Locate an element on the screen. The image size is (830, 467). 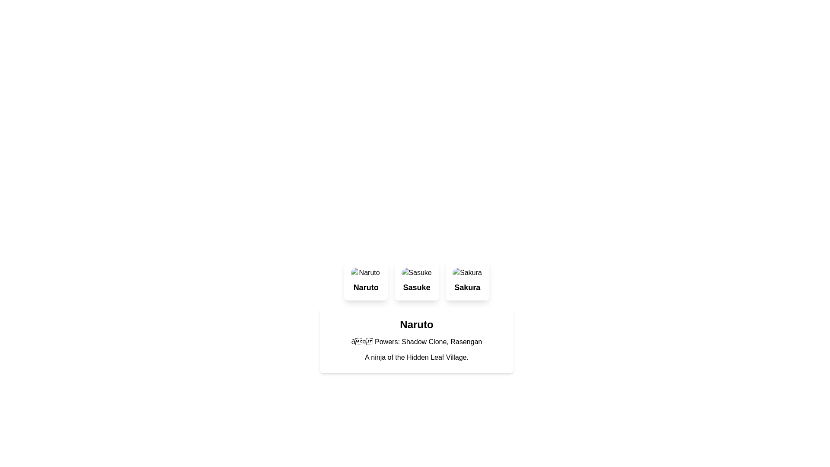
the small circular image element with a border-radius located at the top of the second card, above the 'Sasuke' text is located at coordinates (417, 273).